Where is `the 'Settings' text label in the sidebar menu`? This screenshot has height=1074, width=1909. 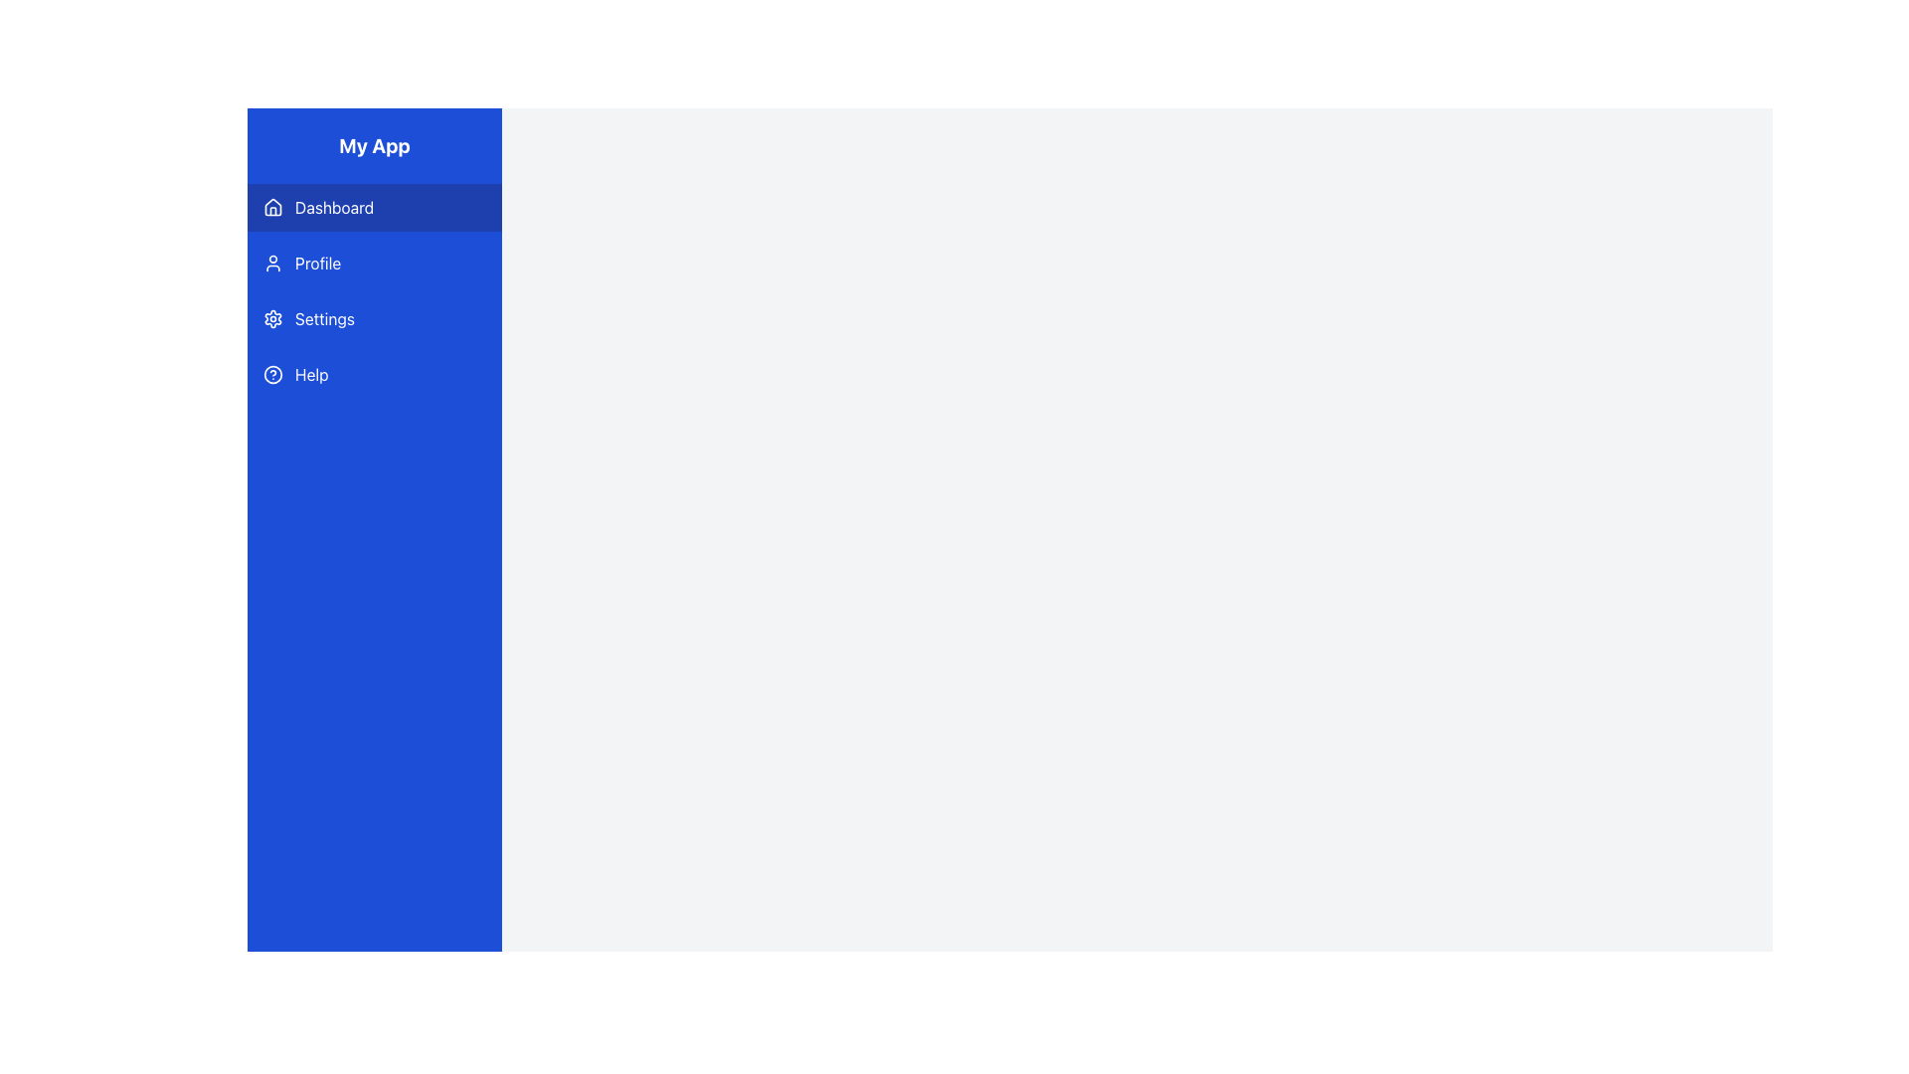
the 'Settings' text label in the sidebar menu is located at coordinates (324, 317).